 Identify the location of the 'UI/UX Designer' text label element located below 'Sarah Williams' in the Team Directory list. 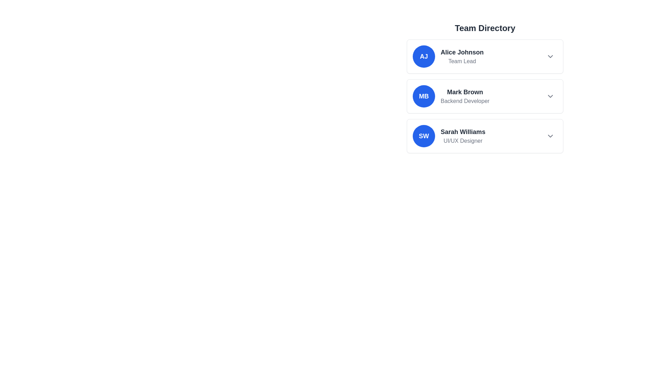
(463, 141).